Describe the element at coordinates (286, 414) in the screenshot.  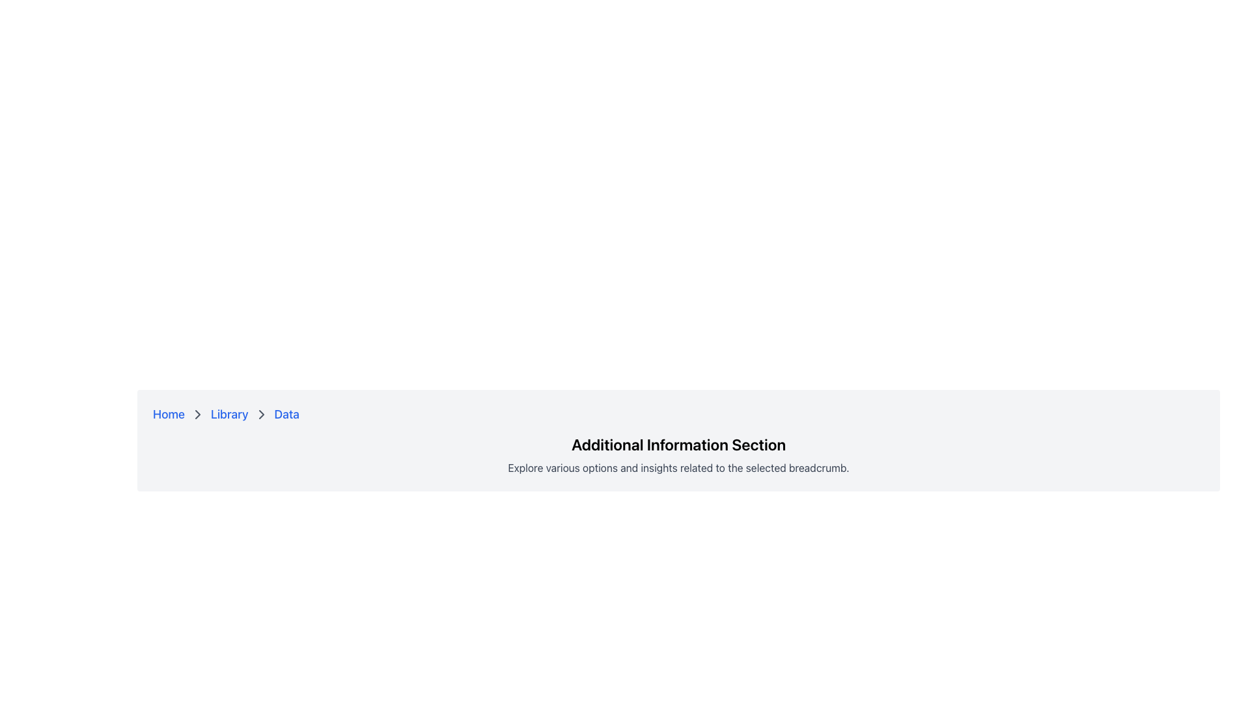
I see `the 'Data' hyperlink` at that location.